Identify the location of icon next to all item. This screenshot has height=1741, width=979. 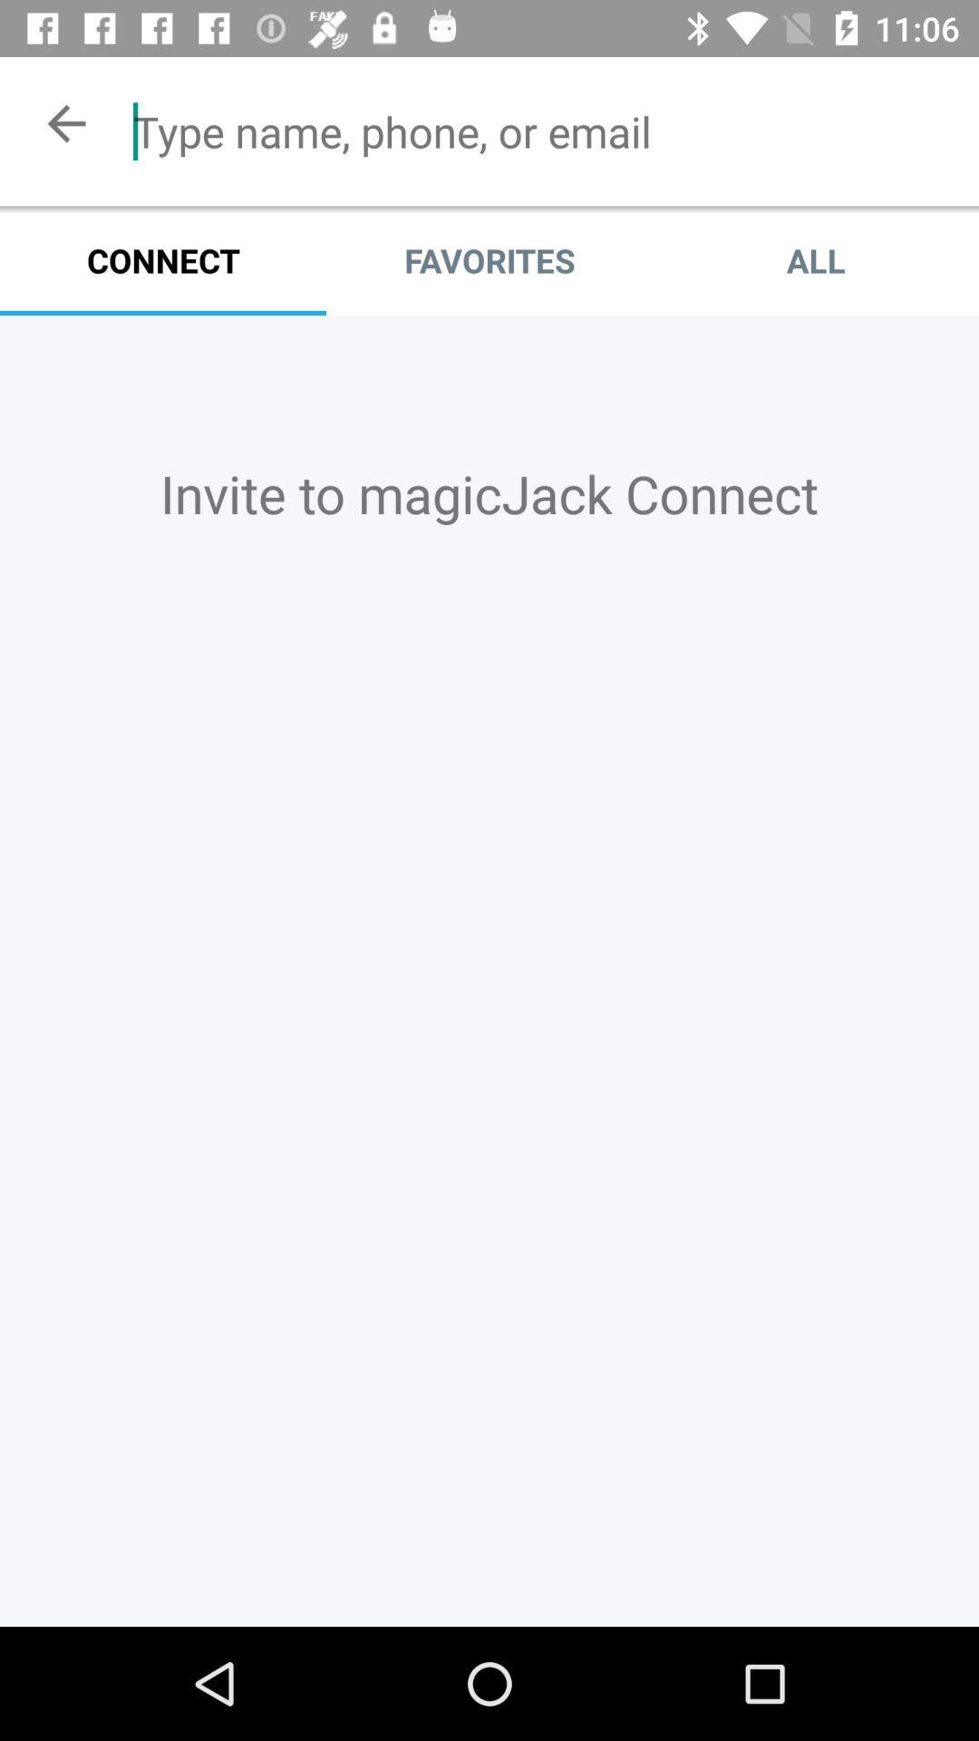
(489, 259).